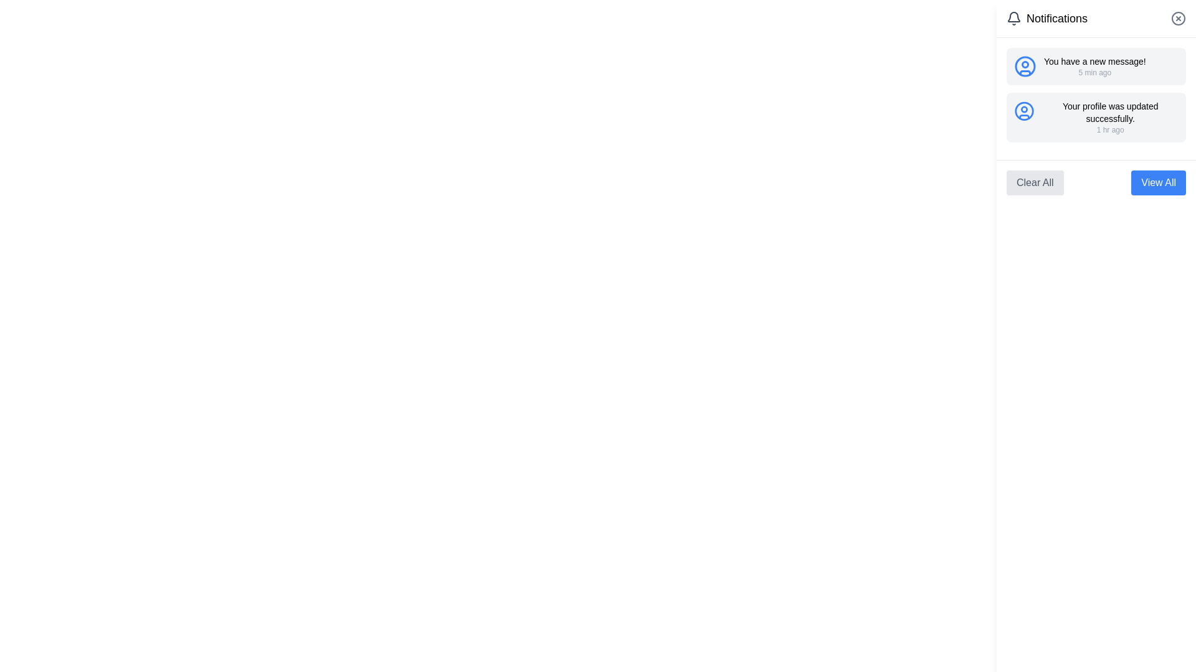 The width and height of the screenshot is (1196, 672). I want to click on the second notification displaying the message 'Your profile was updated successfully.' for additional actions, so click(1096, 118).